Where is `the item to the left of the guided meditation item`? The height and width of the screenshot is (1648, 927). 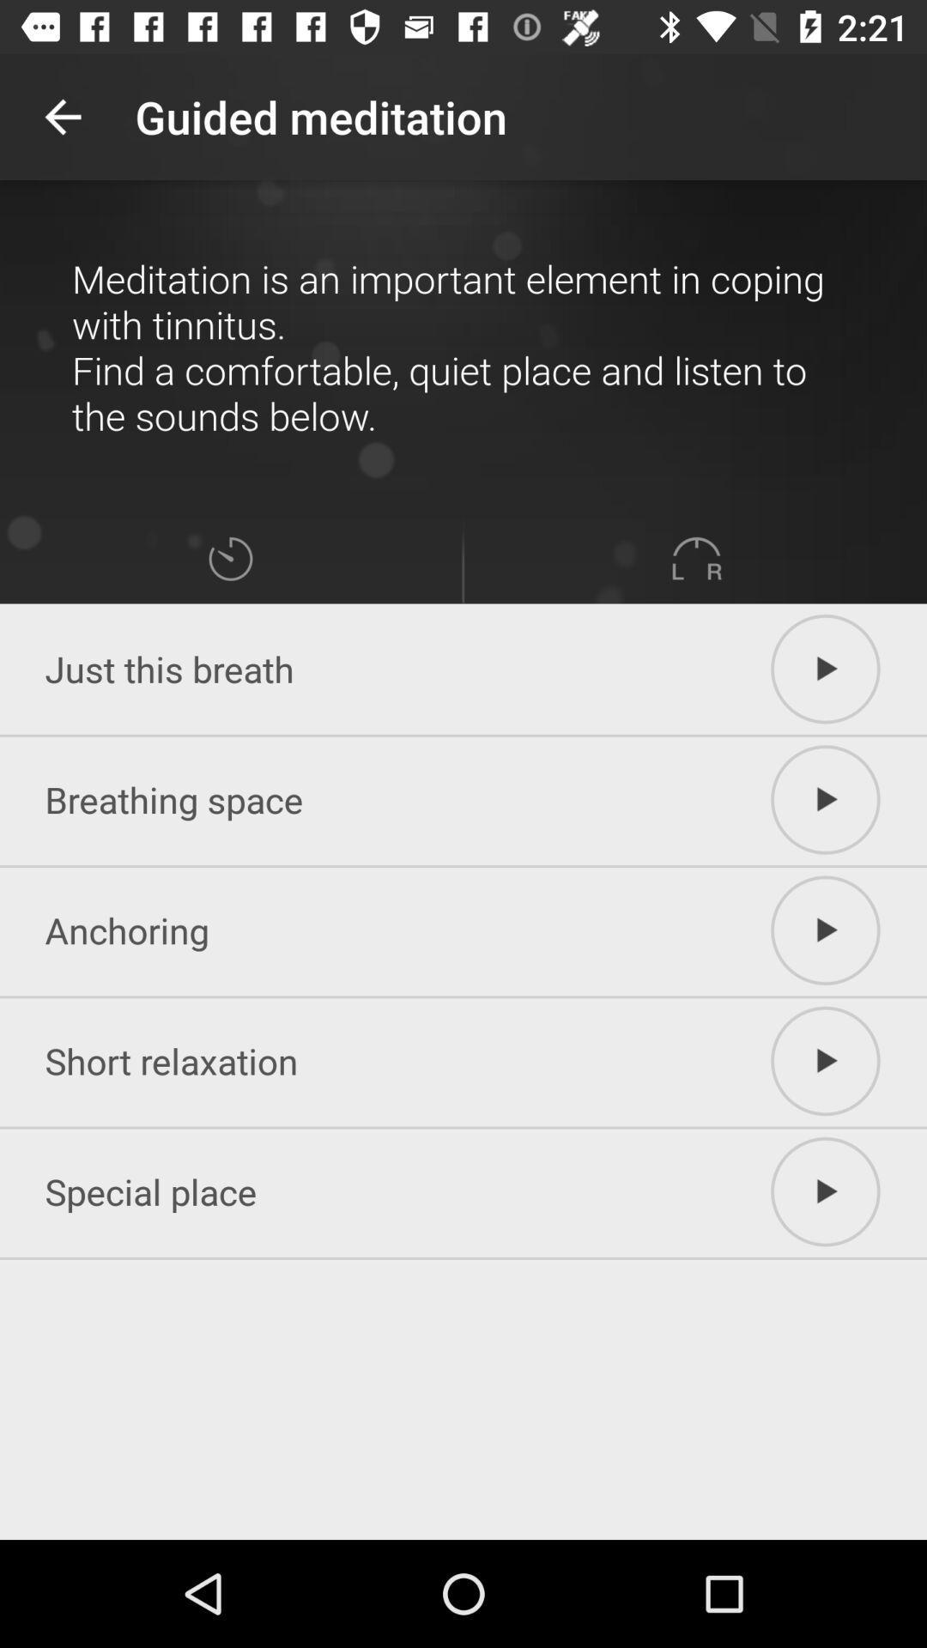 the item to the left of the guided meditation item is located at coordinates (62, 116).